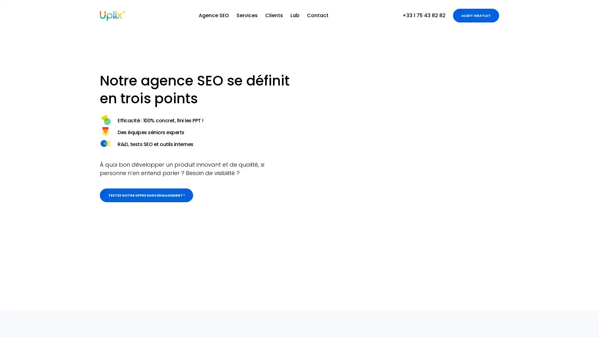 This screenshot has width=599, height=337. Describe the element at coordinates (580, 325) in the screenshot. I see `Fermer` at that location.